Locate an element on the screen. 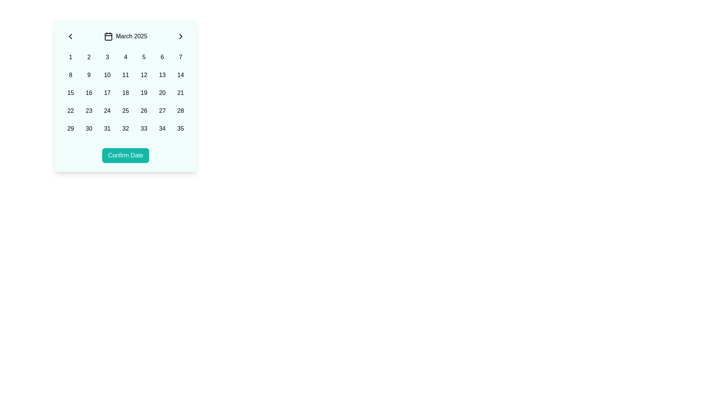  the button labeled '4', which is a square box with rounded corners located in the first row and fourth column of the grid in the calendar interface is located at coordinates (125, 57).